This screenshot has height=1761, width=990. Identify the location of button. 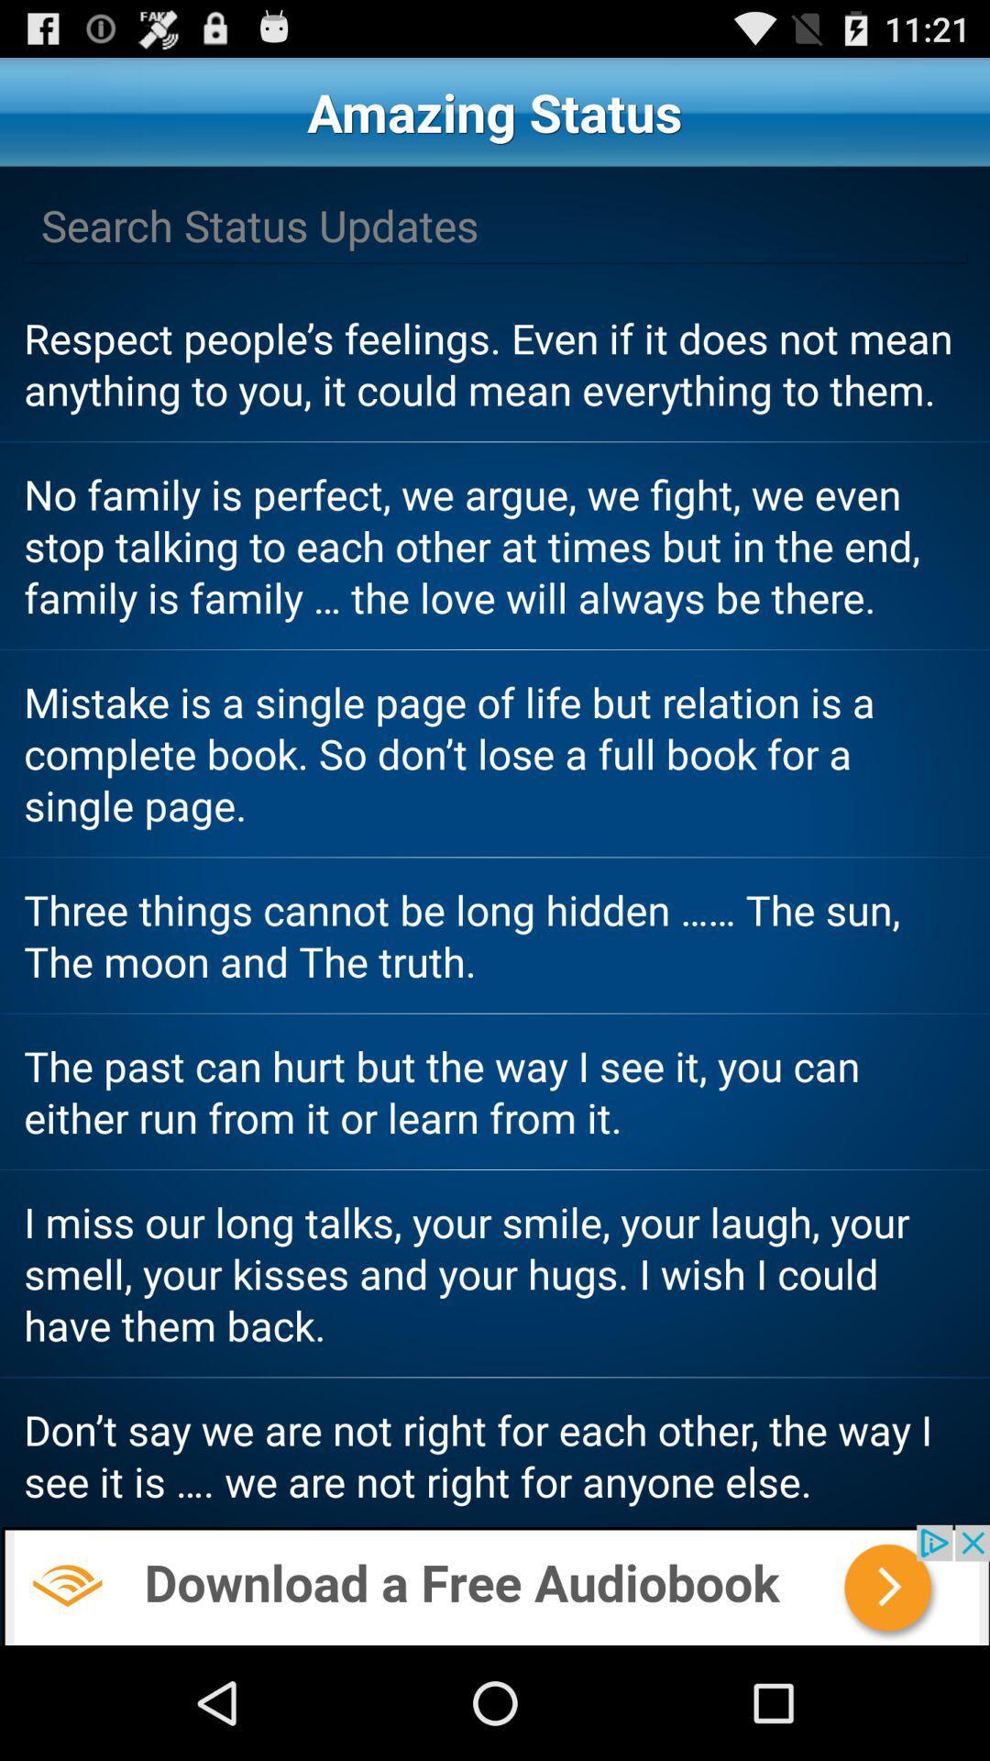
(495, 225).